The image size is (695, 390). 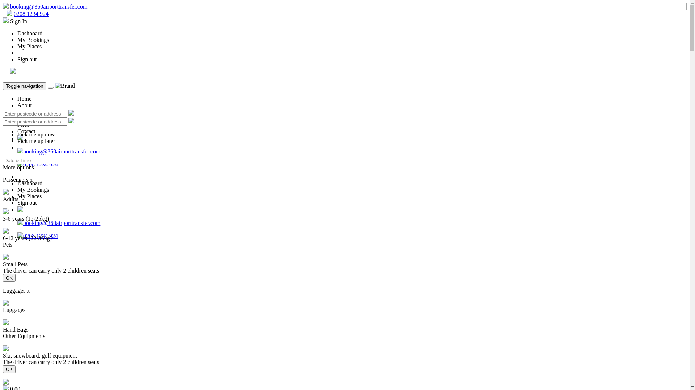 What do you see at coordinates (17, 99) in the screenshot?
I see `'Home'` at bounding box center [17, 99].